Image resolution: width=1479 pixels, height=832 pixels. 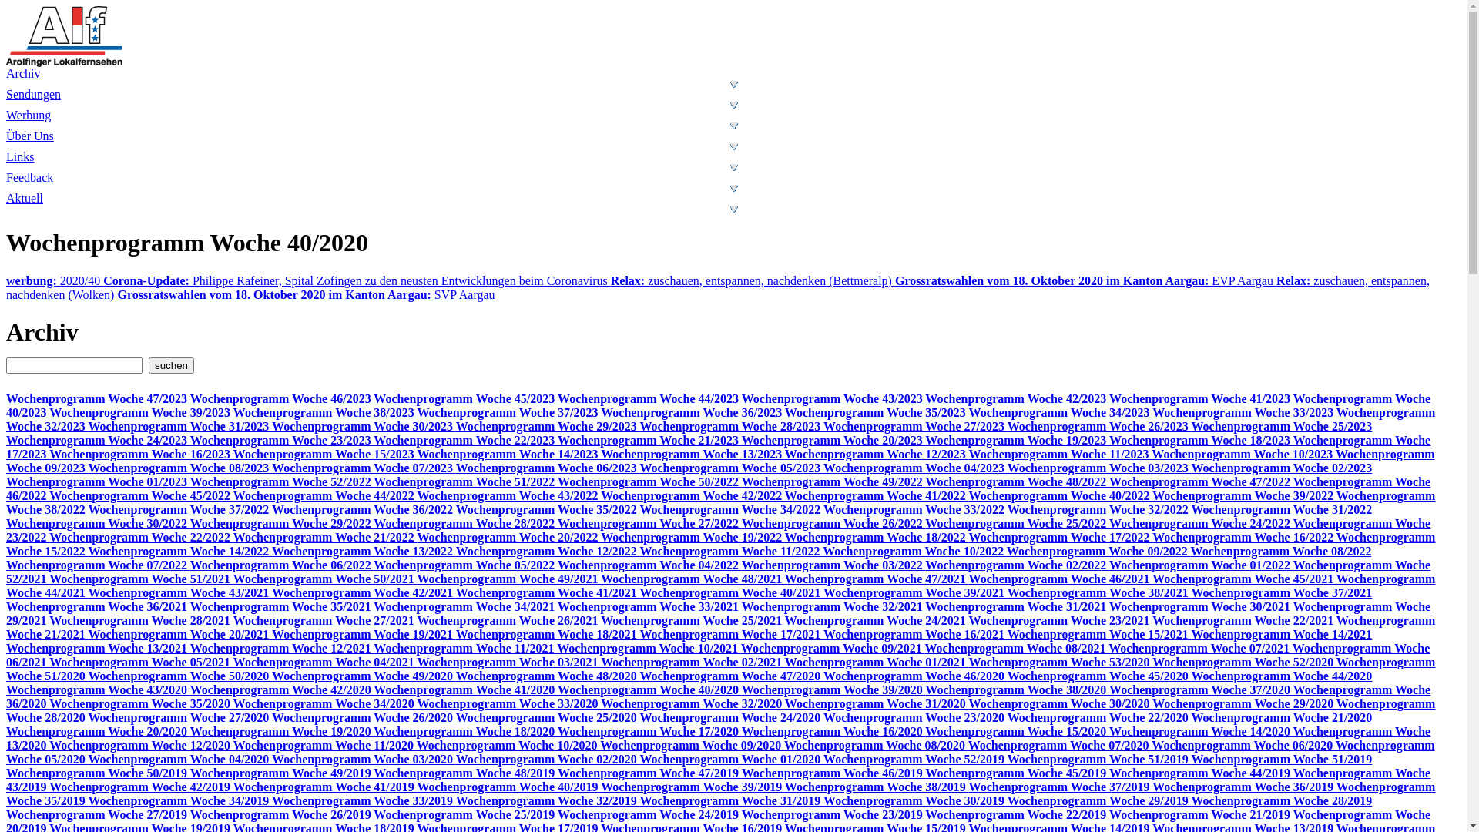 I want to click on 'Wochenprogramm Woche 42/2019', so click(x=141, y=787).